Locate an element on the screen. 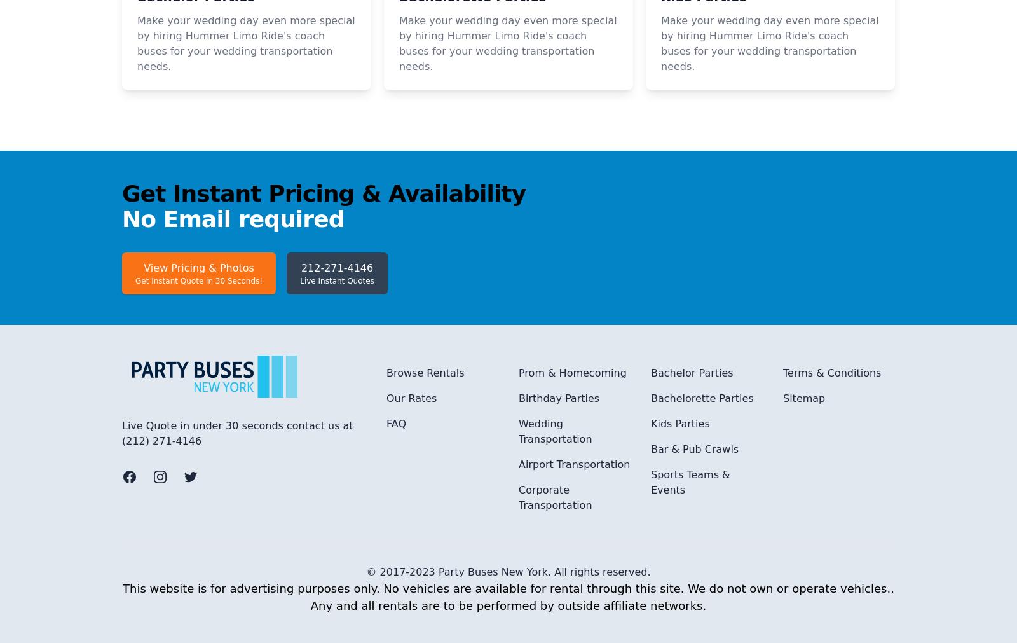  'Live Instant Quotes' is located at coordinates (299, 450).